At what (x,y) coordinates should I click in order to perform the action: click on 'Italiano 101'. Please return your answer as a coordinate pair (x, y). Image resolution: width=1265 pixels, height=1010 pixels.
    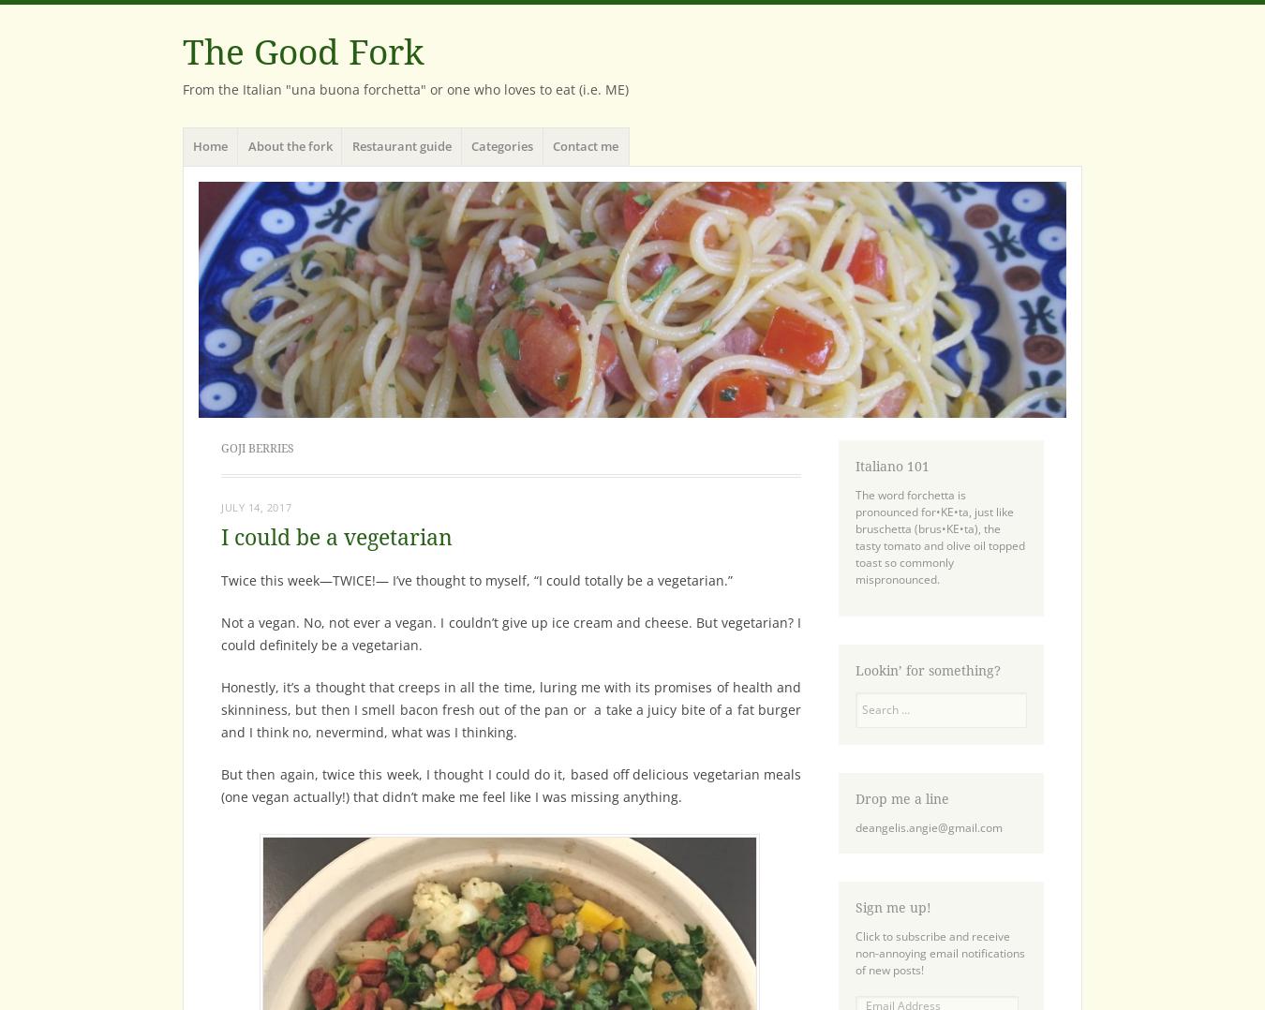
    Looking at the image, I should click on (854, 466).